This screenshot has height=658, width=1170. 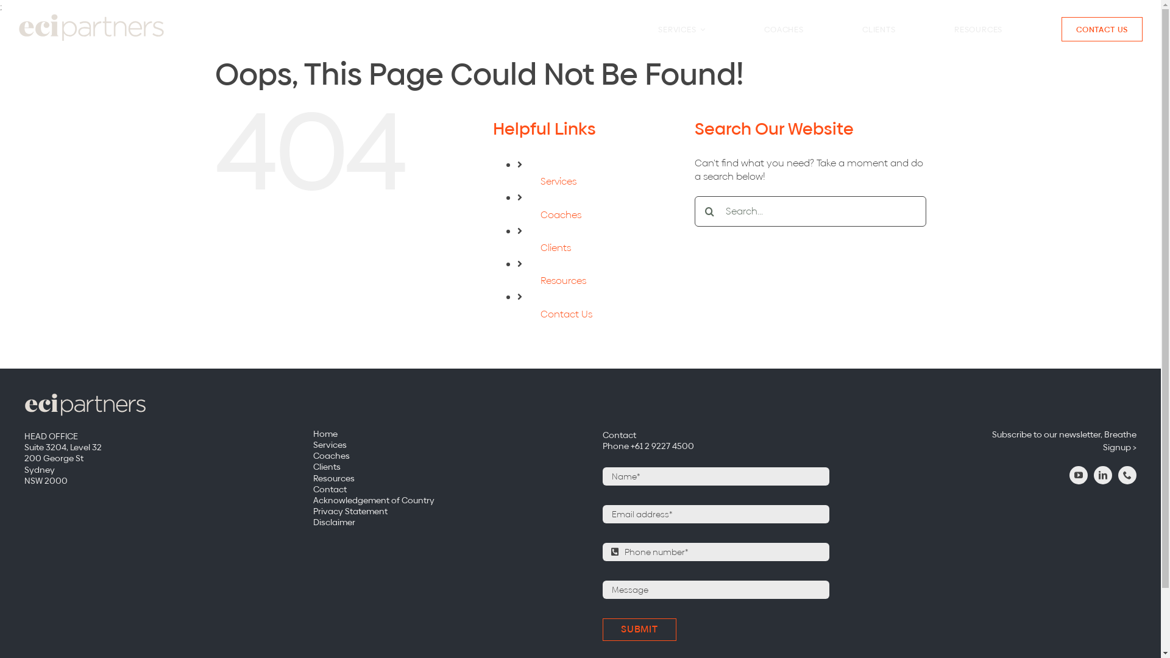 What do you see at coordinates (953, 28) in the screenshot?
I see `'RESOURCES'` at bounding box center [953, 28].